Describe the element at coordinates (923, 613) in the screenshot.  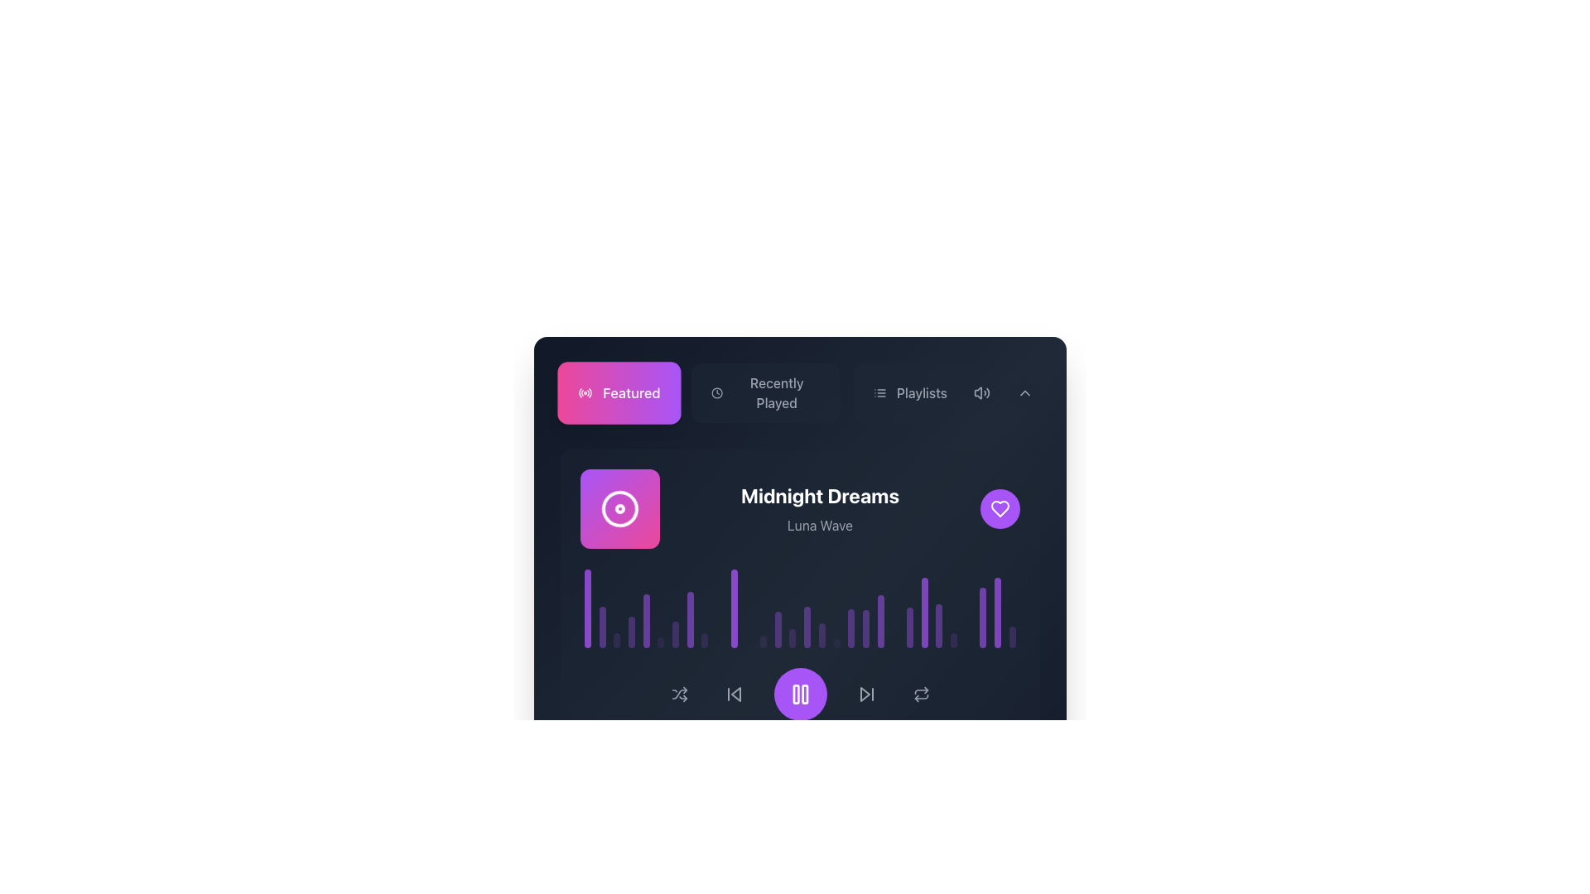
I see `the 24th vertical bar in the bar chart visualization located at the lower section of the interface` at that location.